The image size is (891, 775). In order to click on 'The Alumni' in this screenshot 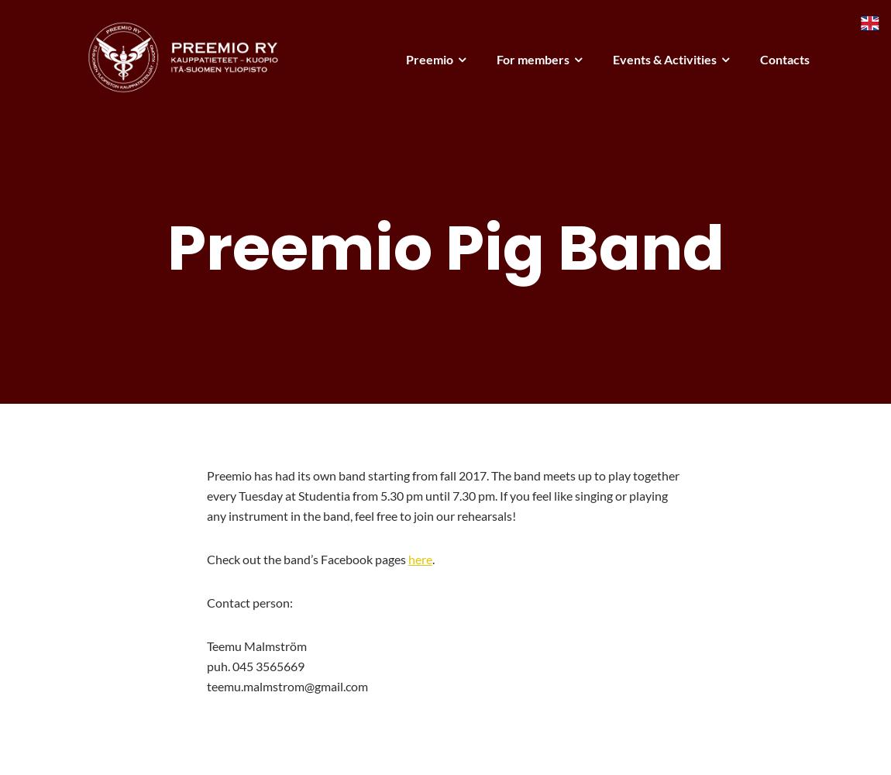, I will do `click(393, 134)`.